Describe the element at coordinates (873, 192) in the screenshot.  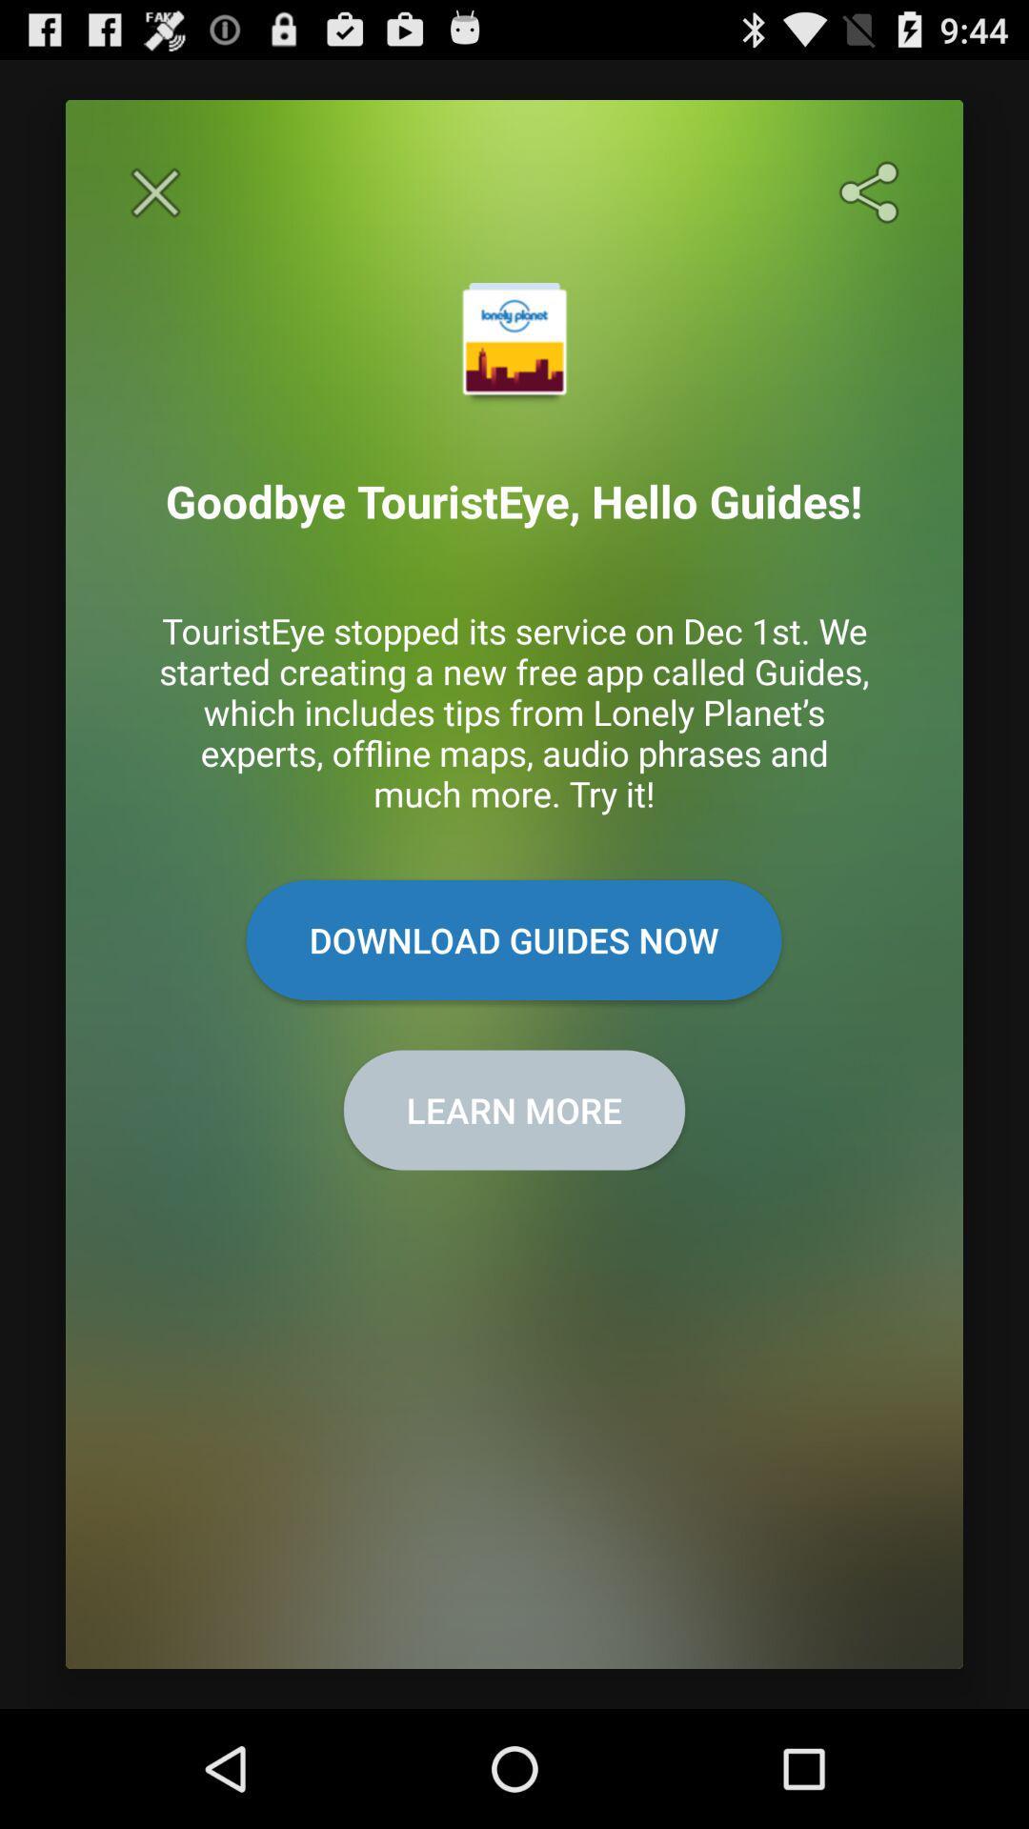
I see `the app above goodbye touristeye hello item` at that location.